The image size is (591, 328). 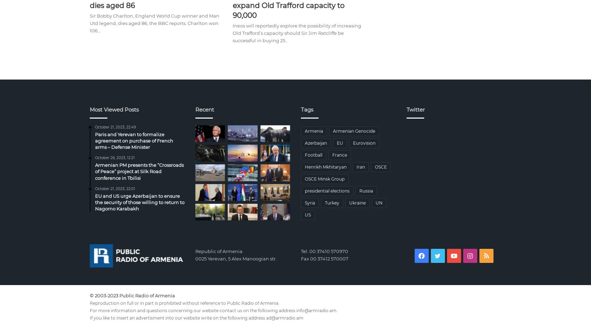 I want to click on '0025 Yerevan, 5 Alex Manoogian str.', so click(x=235, y=258).